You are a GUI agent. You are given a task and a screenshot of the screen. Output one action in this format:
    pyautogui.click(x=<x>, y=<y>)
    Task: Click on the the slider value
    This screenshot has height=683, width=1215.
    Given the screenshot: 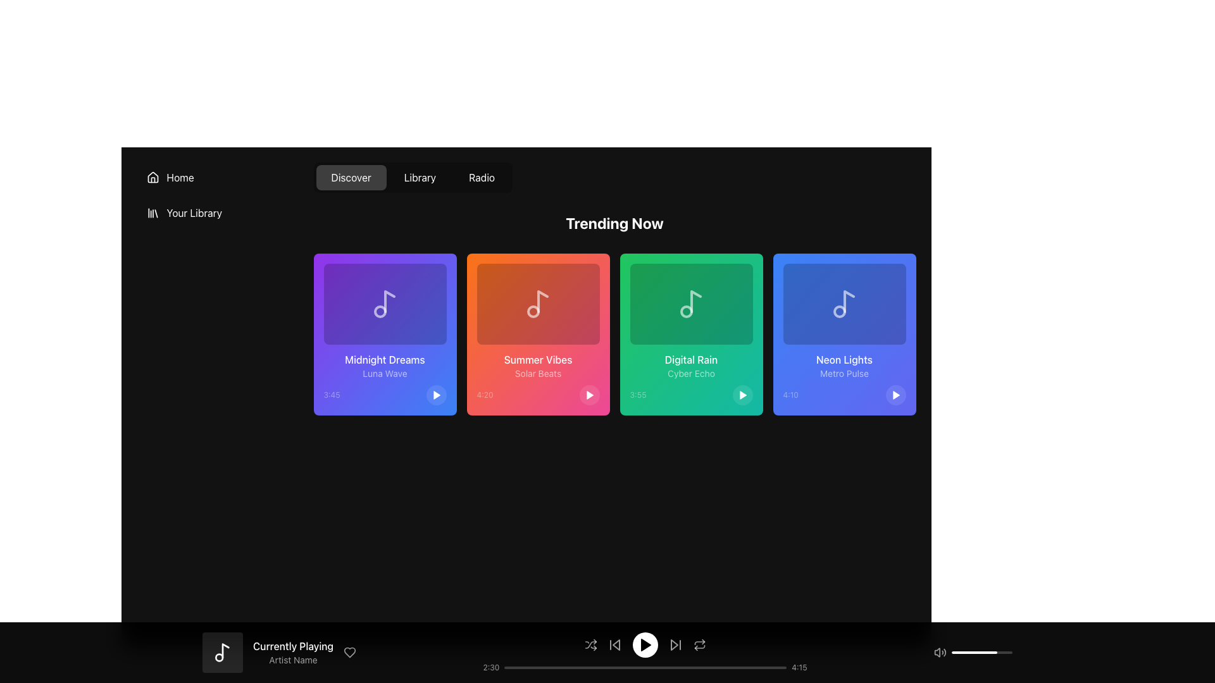 What is the action you would take?
    pyautogui.click(x=996, y=653)
    